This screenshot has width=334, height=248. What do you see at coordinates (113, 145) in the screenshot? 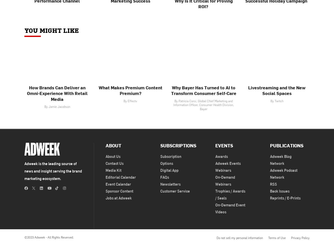
I see `'About'` at bounding box center [113, 145].